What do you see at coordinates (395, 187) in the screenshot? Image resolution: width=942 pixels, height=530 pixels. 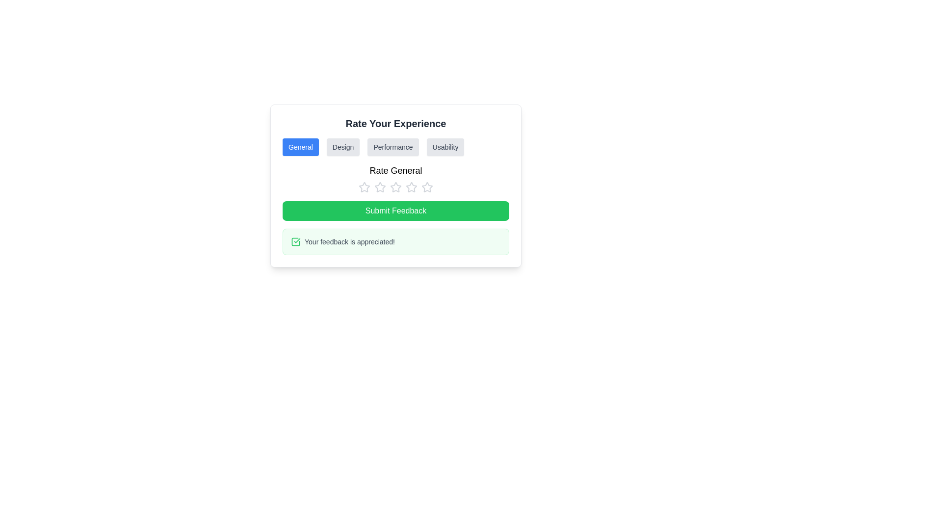 I see `the third star in the series of five rating stars located in the 'Rate General' panel within the 'Rate Your Experience' section` at bounding box center [395, 187].